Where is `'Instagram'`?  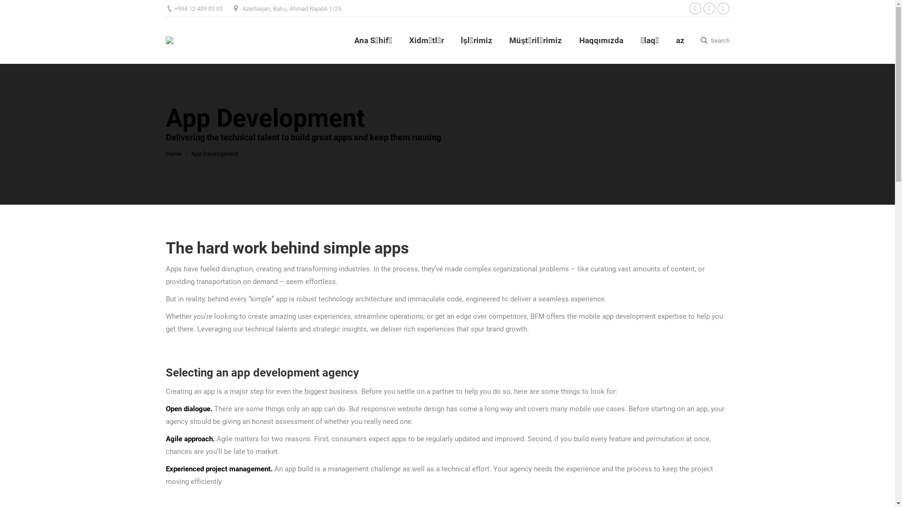
'Instagram' is located at coordinates (708, 8).